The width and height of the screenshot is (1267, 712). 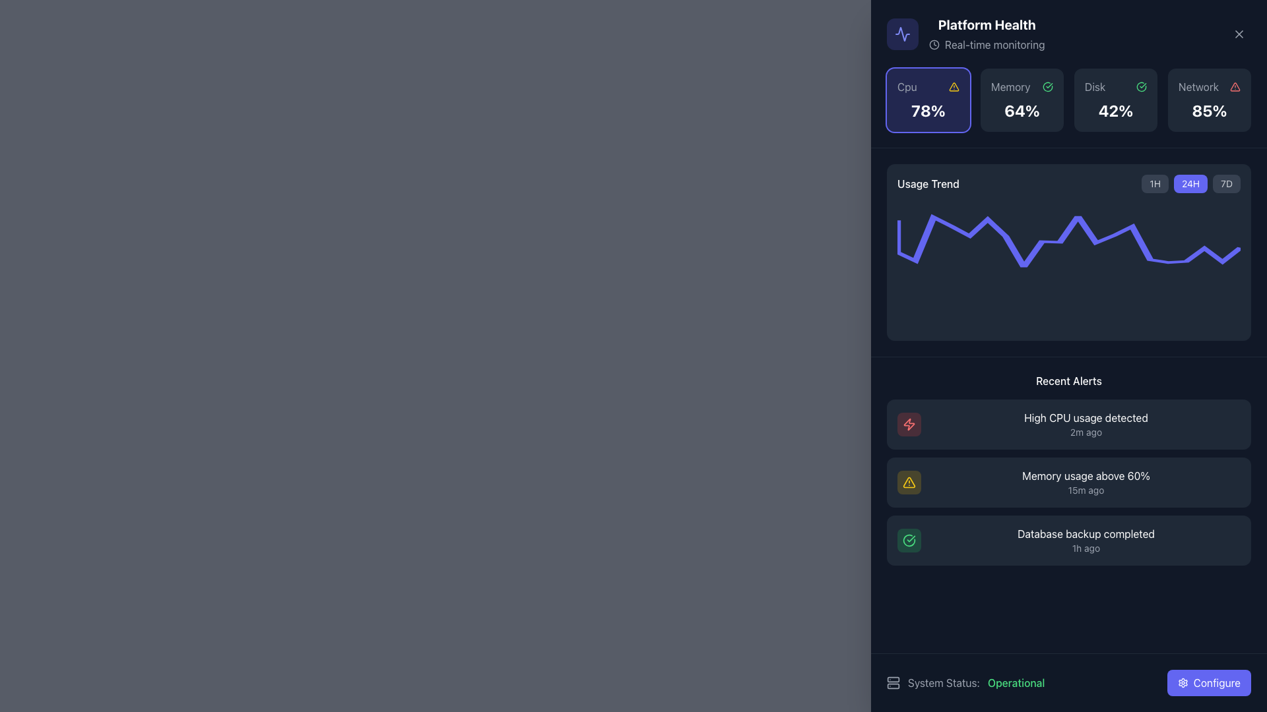 I want to click on the timestamp text label located below the alert 'Memory usage above 60%' in the alert box, which provides the time when the alert was generated, so click(x=1086, y=490).